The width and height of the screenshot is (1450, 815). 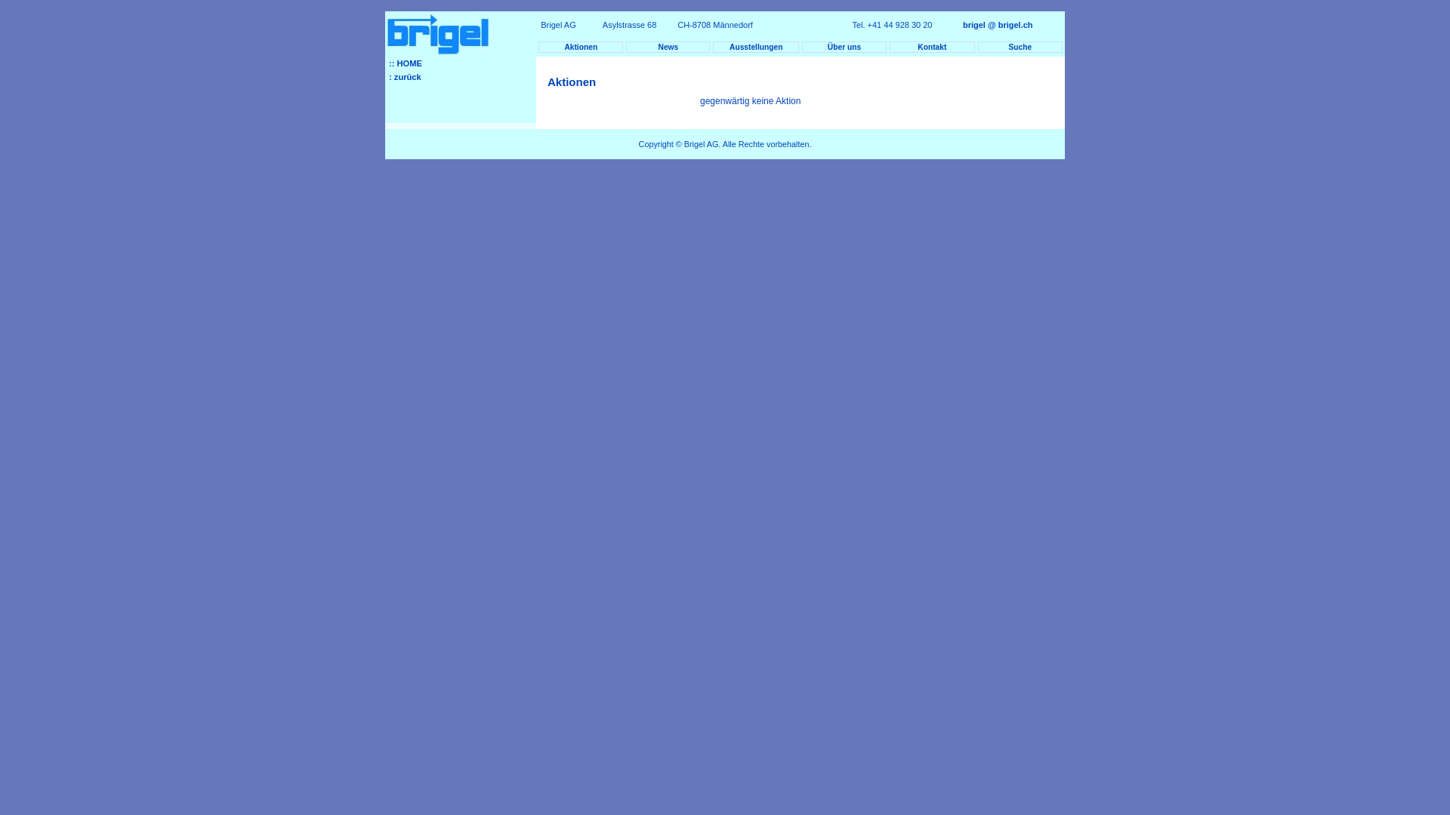 What do you see at coordinates (713, 46) in the screenshot?
I see `'Ausstellungen'` at bounding box center [713, 46].